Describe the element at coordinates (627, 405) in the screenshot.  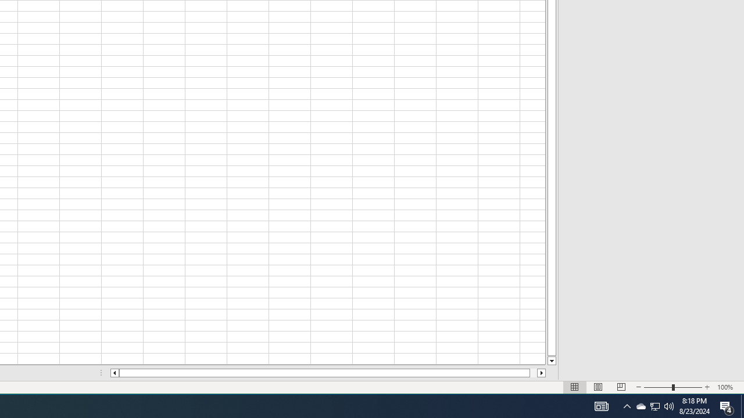
I see `'AutomationID: 4105'` at that location.